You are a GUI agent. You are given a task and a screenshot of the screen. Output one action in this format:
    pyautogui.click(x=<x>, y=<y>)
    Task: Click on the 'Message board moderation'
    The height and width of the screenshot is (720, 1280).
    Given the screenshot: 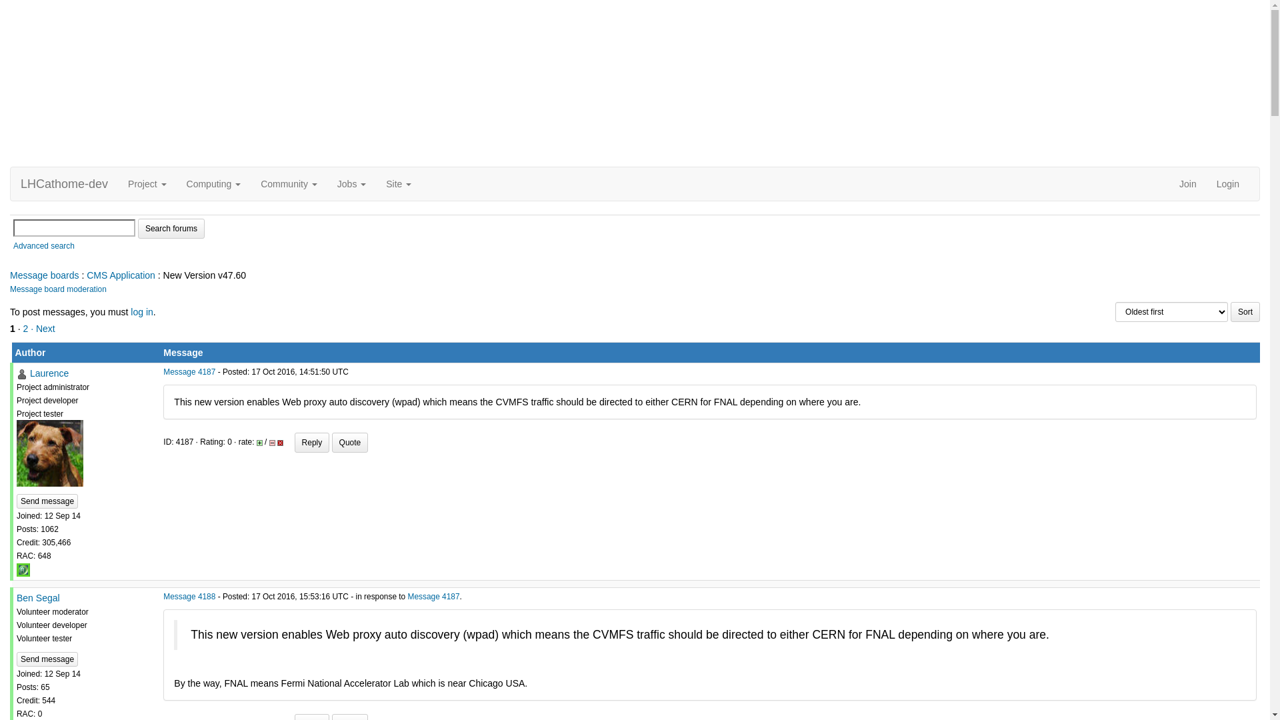 What is the action you would take?
    pyautogui.click(x=57, y=289)
    